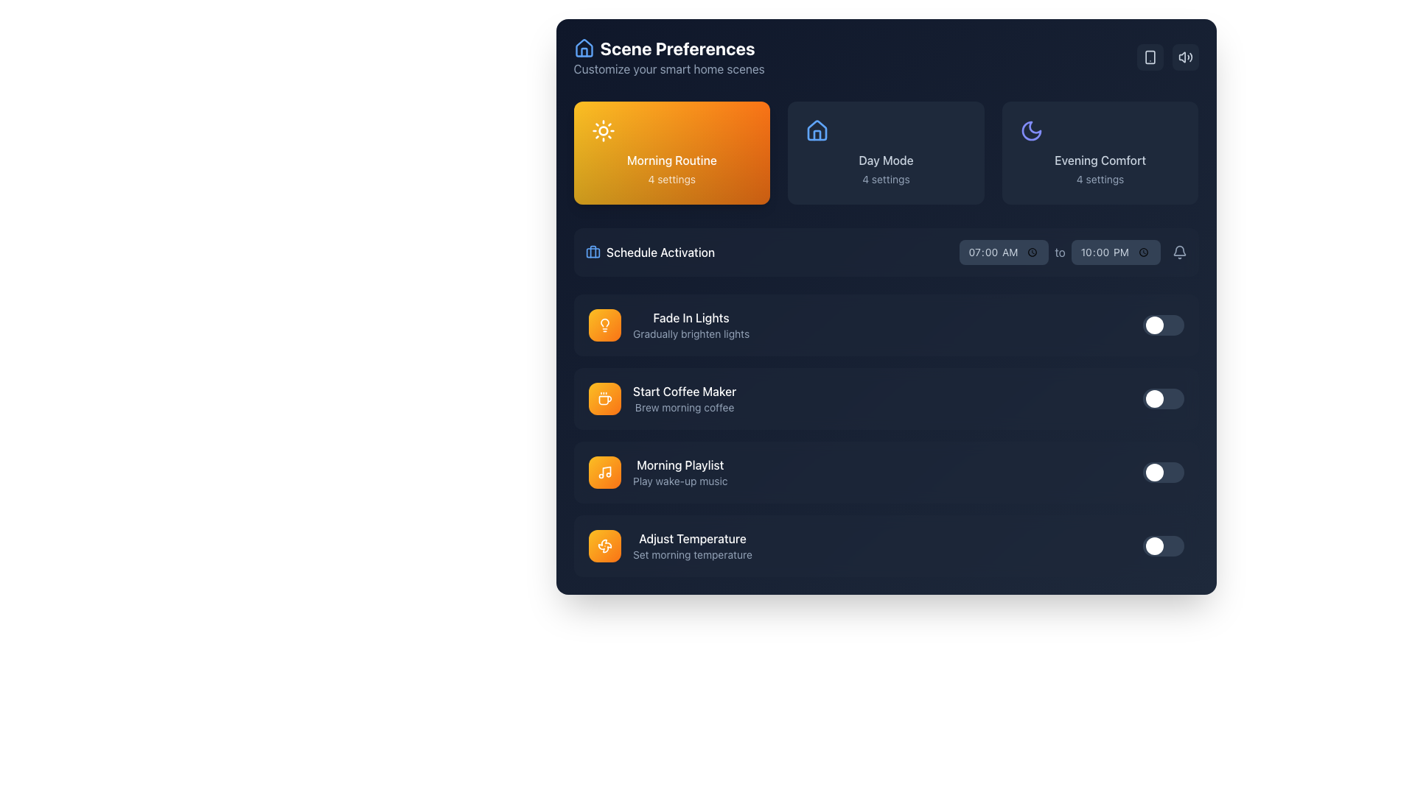 This screenshot has height=795, width=1415. Describe the element at coordinates (683, 399) in the screenshot. I see `the 'Start Coffee Maker' text label, which has bold white text and is the second item in the 'Schedule Activation' section, positioned between 'Fade In Lights' and 'Morning Playlist'` at that location.